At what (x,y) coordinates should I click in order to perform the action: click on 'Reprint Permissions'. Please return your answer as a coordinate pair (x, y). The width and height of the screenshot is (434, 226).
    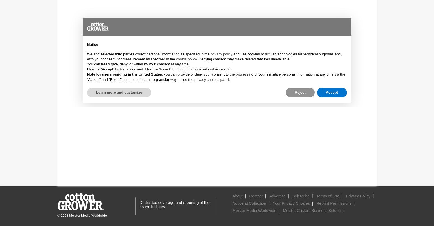
    Looking at the image, I should click on (334, 203).